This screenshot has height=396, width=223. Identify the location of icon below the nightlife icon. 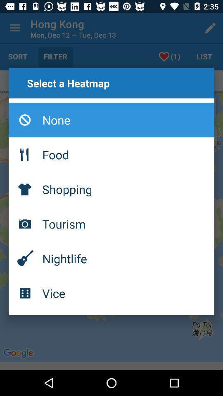
(111, 293).